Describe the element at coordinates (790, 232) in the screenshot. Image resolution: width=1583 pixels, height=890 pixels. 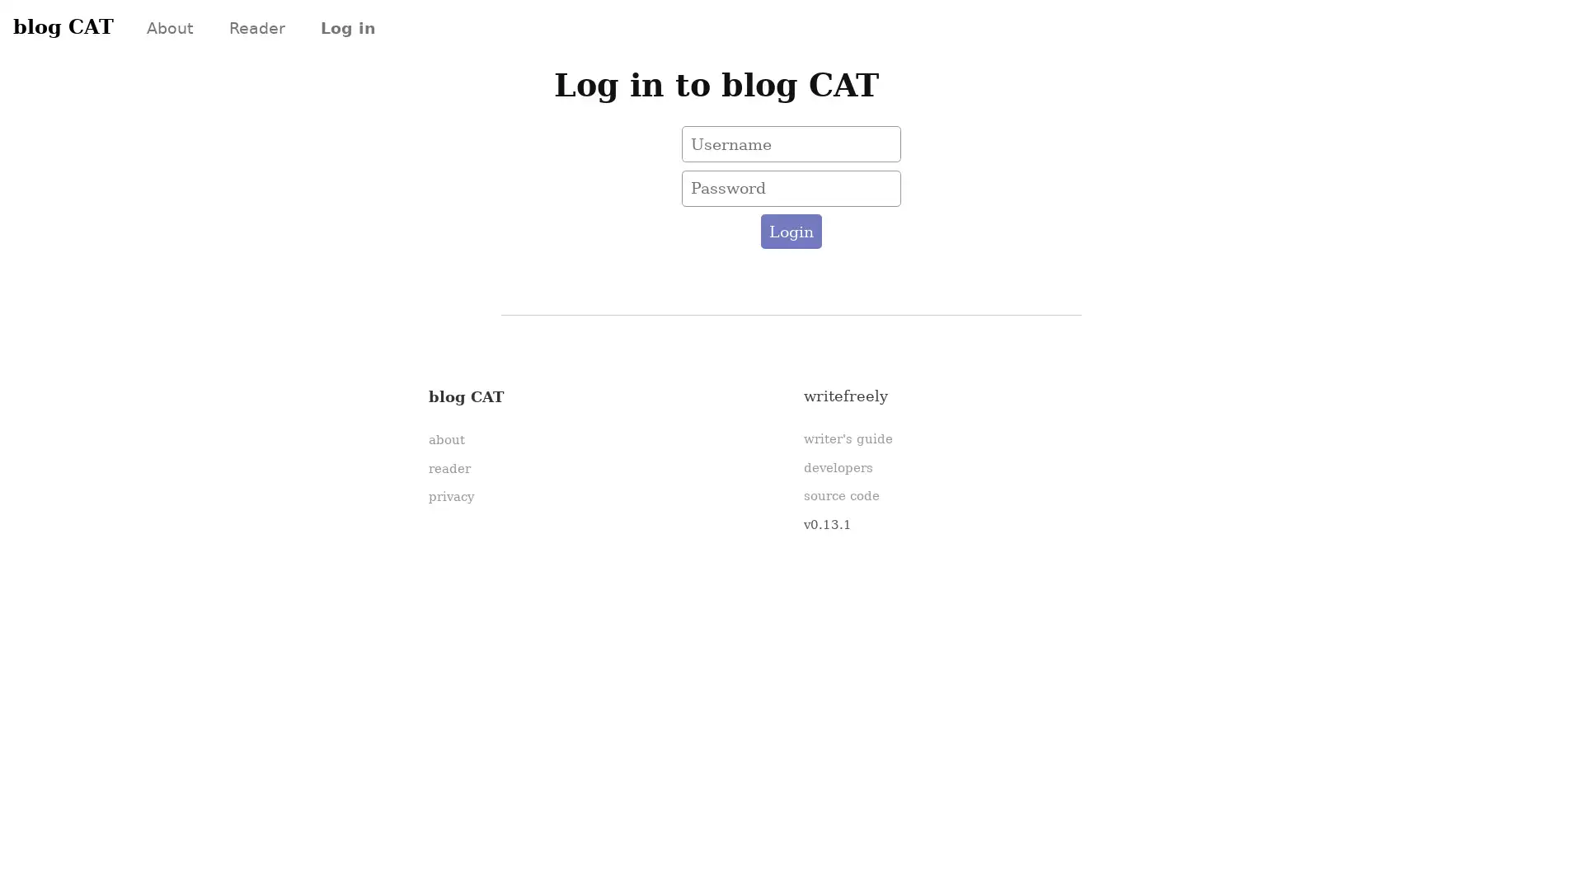
I see `Login` at that location.